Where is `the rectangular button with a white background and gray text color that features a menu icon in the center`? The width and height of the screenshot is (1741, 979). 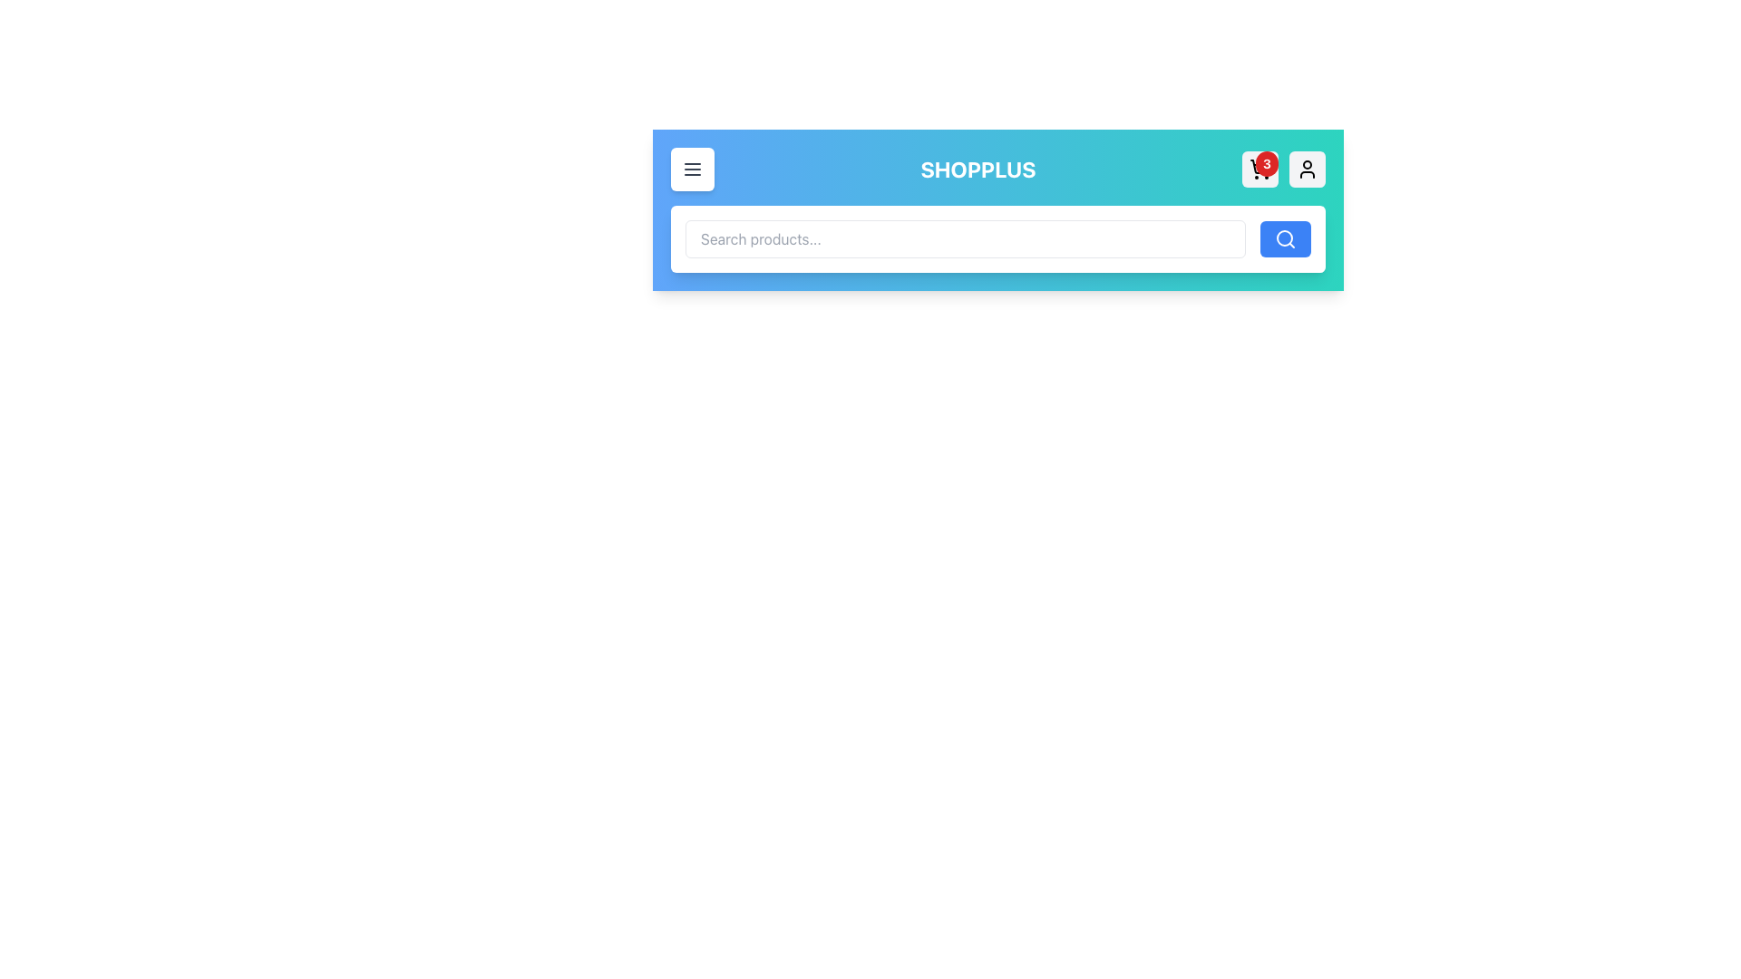
the rectangular button with a white background and gray text color that features a menu icon in the center is located at coordinates (691, 169).